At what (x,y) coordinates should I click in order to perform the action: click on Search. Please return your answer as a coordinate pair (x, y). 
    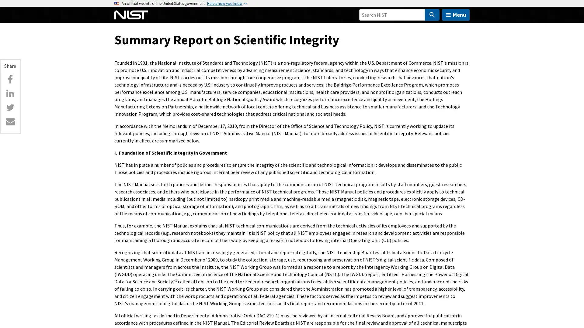
    Looking at the image, I should click on (432, 15).